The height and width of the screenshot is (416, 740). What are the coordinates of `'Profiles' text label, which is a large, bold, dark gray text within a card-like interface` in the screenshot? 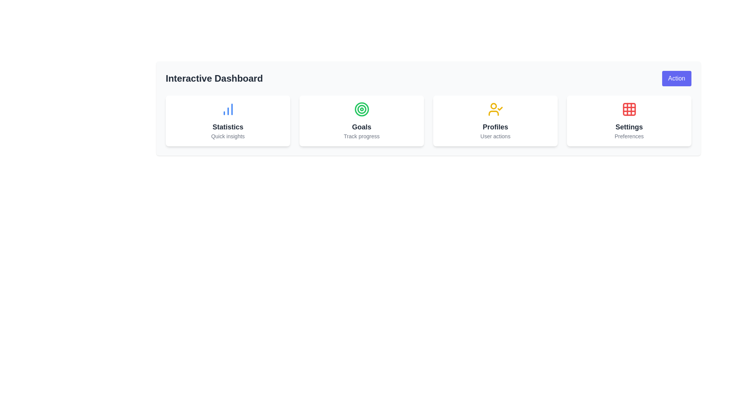 It's located at (495, 127).